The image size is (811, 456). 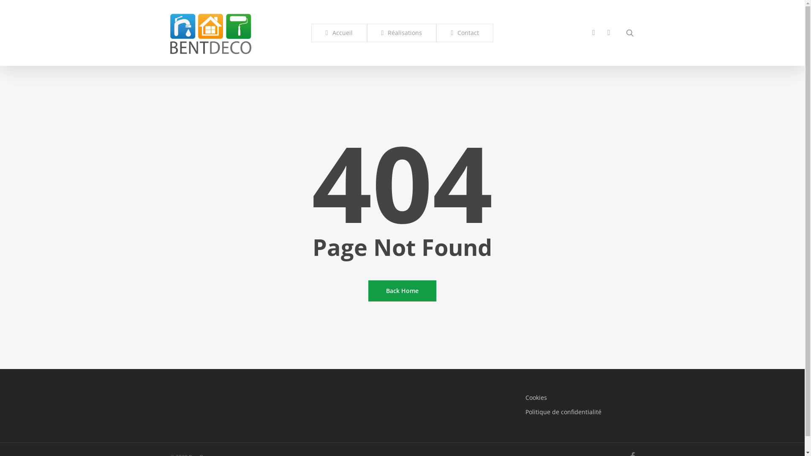 What do you see at coordinates (339, 32) in the screenshot?
I see `'Accueil'` at bounding box center [339, 32].